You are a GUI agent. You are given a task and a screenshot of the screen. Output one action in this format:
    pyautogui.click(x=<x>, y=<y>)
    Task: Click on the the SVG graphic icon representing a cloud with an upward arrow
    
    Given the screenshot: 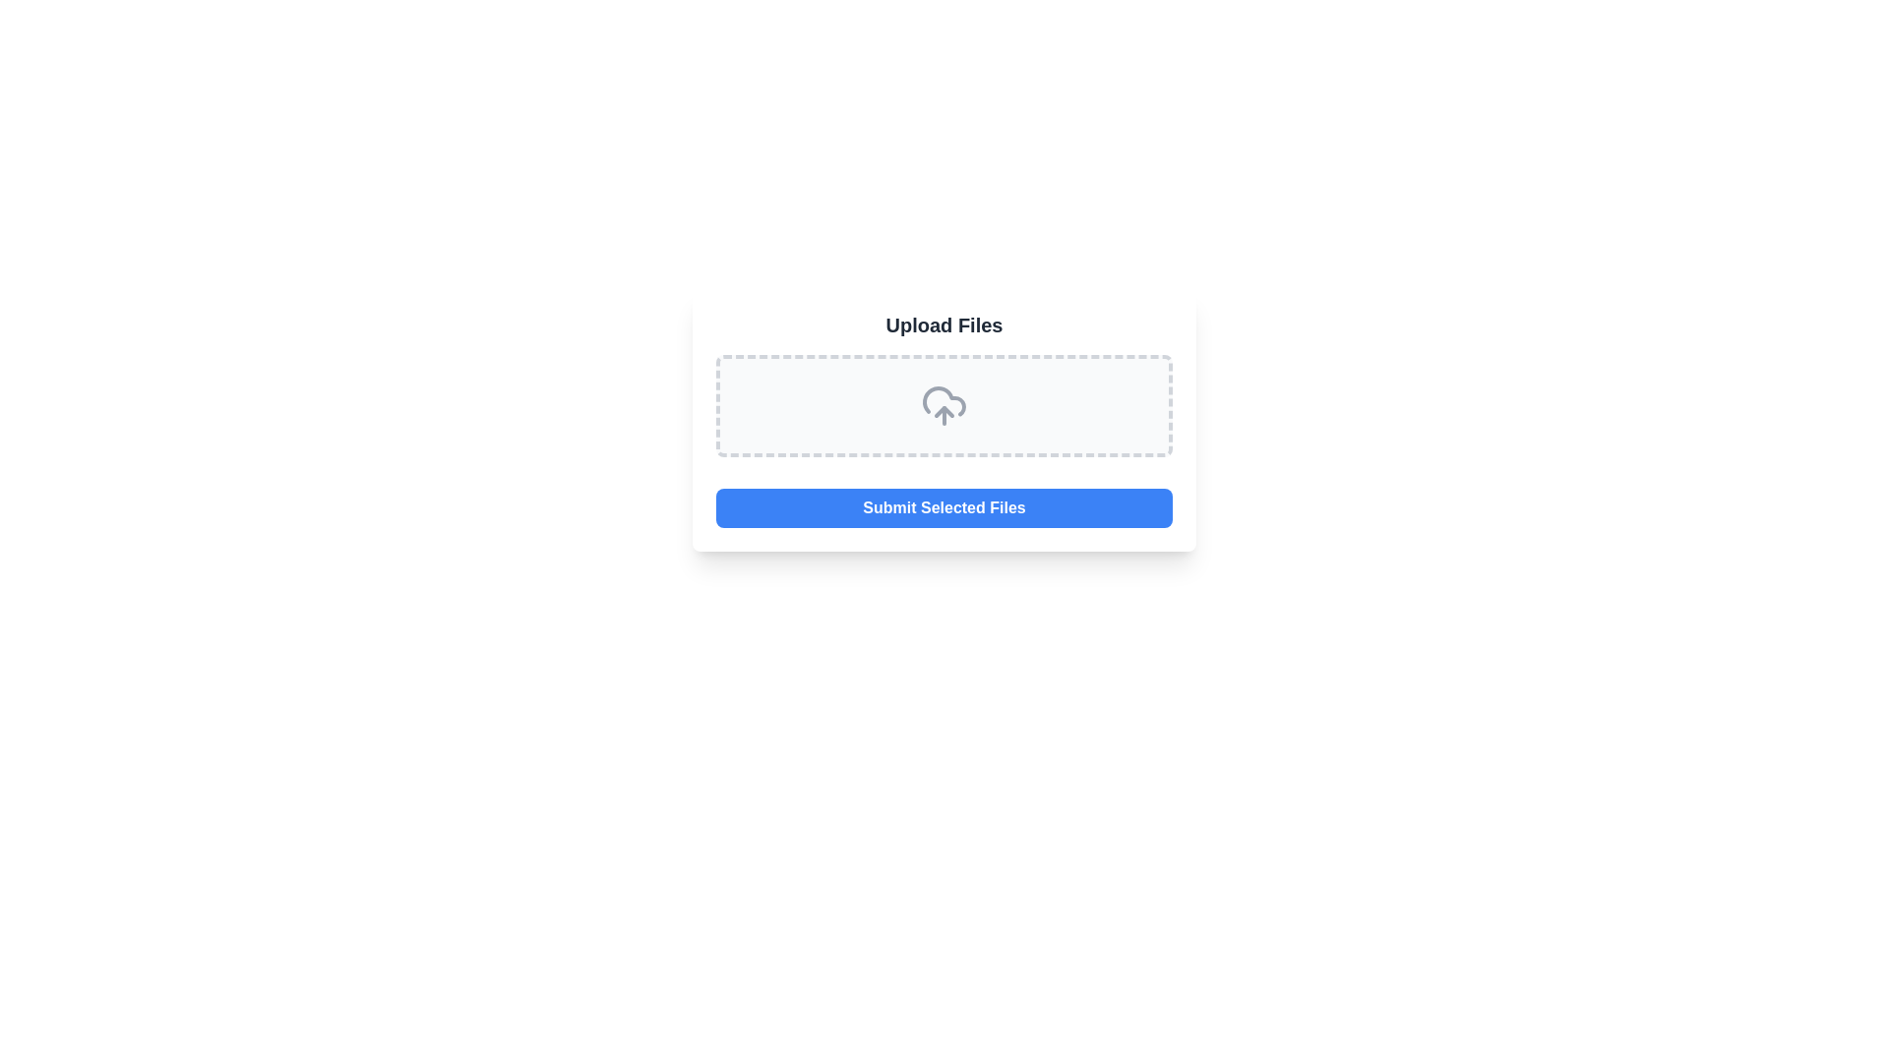 What is the action you would take?
    pyautogui.click(x=944, y=404)
    